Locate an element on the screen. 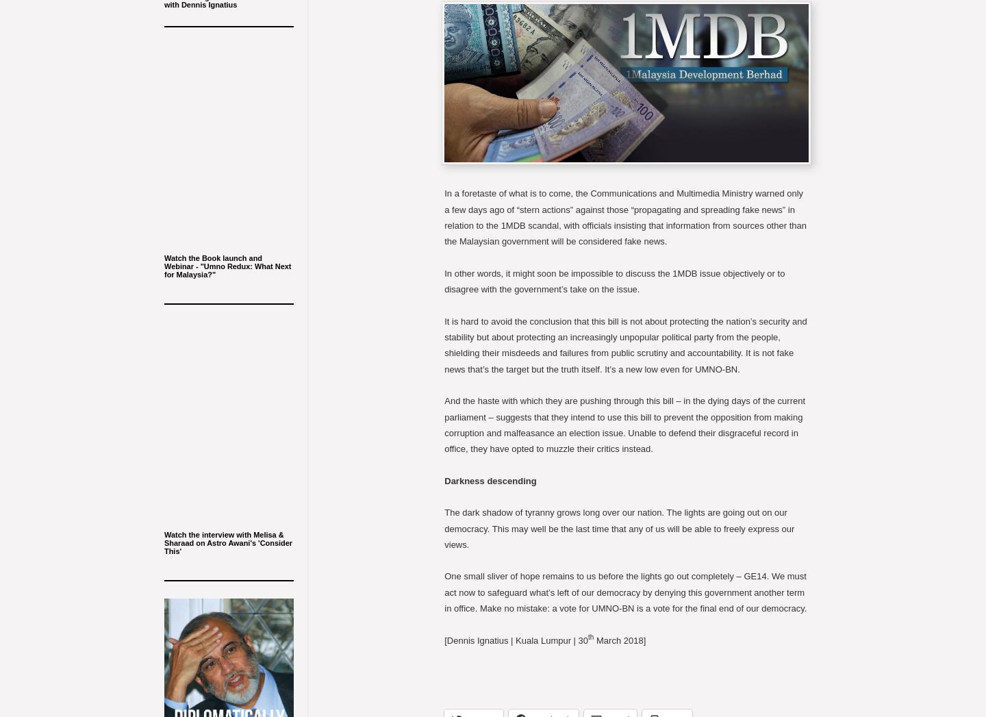 Image resolution: width=986 pixels, height=717 pixels. 'March 2018]' is located at coordinates (620, 640).